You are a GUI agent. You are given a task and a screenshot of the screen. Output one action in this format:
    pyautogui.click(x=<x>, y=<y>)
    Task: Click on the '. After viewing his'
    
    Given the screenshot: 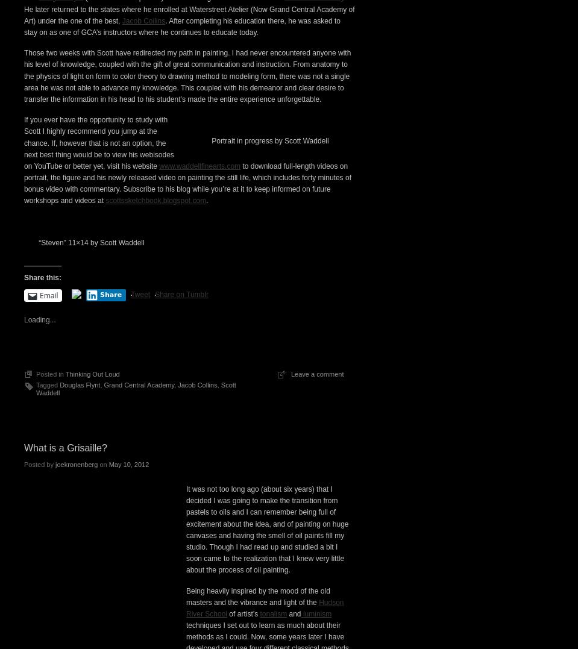 What is the action you would take?
    pyautogui.click(x=324, y=151)
    